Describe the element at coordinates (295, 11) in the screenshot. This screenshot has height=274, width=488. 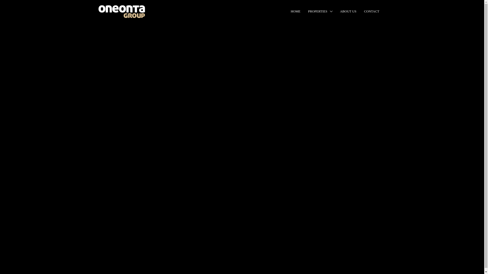
I see `'HOME'` at that location.